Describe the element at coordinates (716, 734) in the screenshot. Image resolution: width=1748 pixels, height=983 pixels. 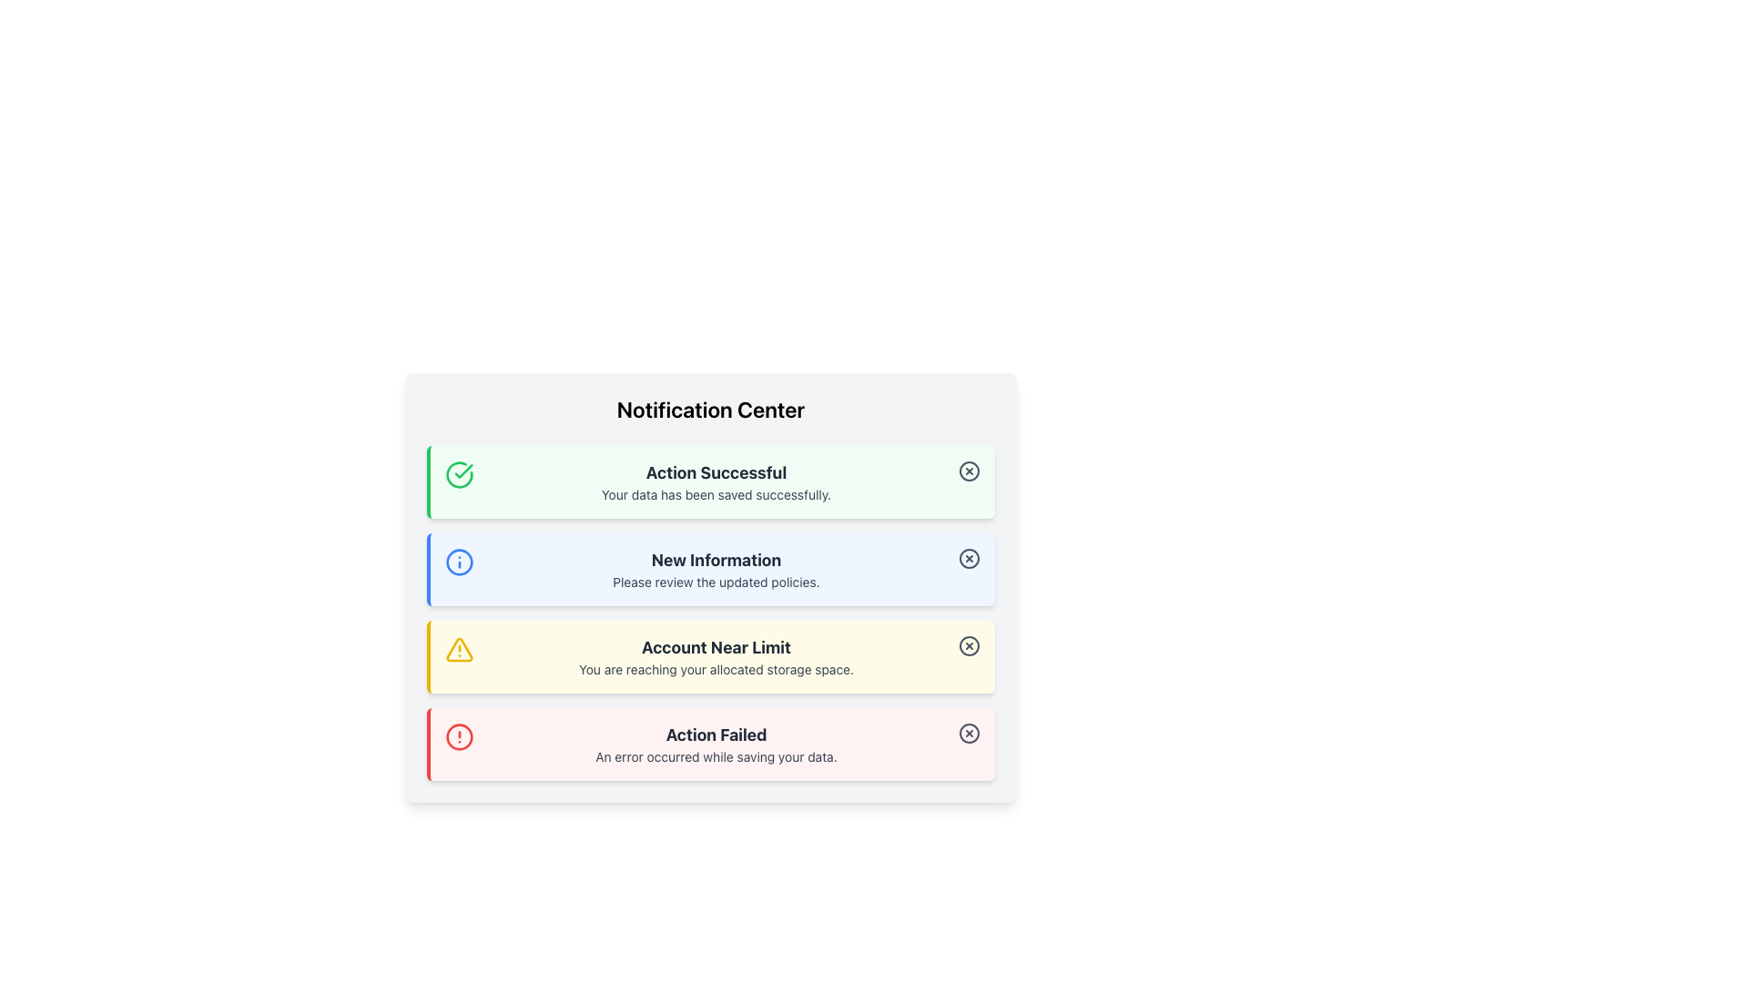
I see `text label that serves as the title for the error notification located in the fourth notification item of the alert list` at that location.